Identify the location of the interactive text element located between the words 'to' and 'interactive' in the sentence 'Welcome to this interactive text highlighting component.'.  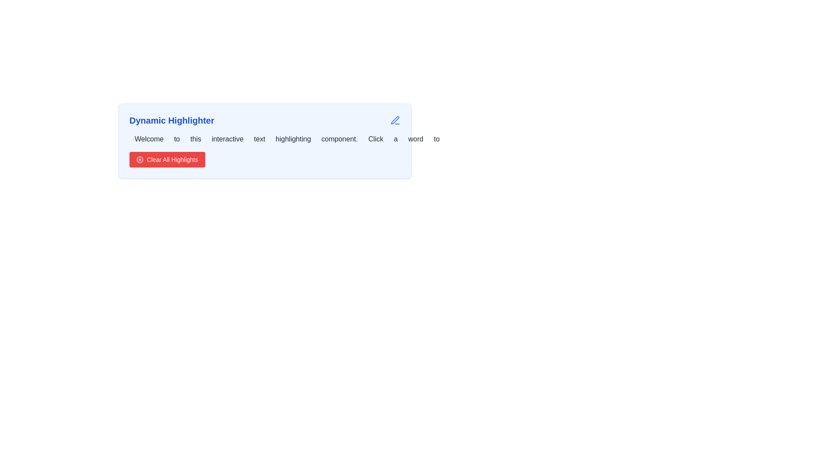
(195, 138).